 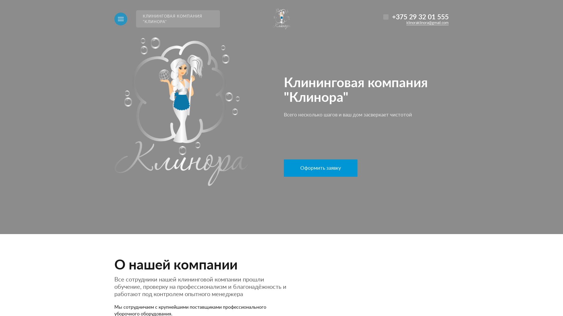 I want to click on 'klinoraklinora@gmail.com', so click(x=428, y=23).